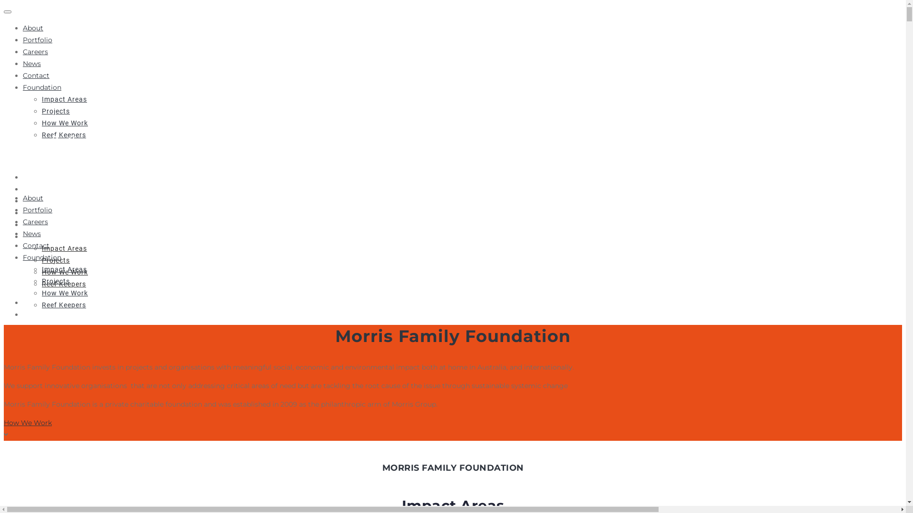 The width and height of the screenshot is (913, 513). What do you see at coordinates (23, 197) in the screenshot?
I see `'About'` at bounding box center [23, 197].